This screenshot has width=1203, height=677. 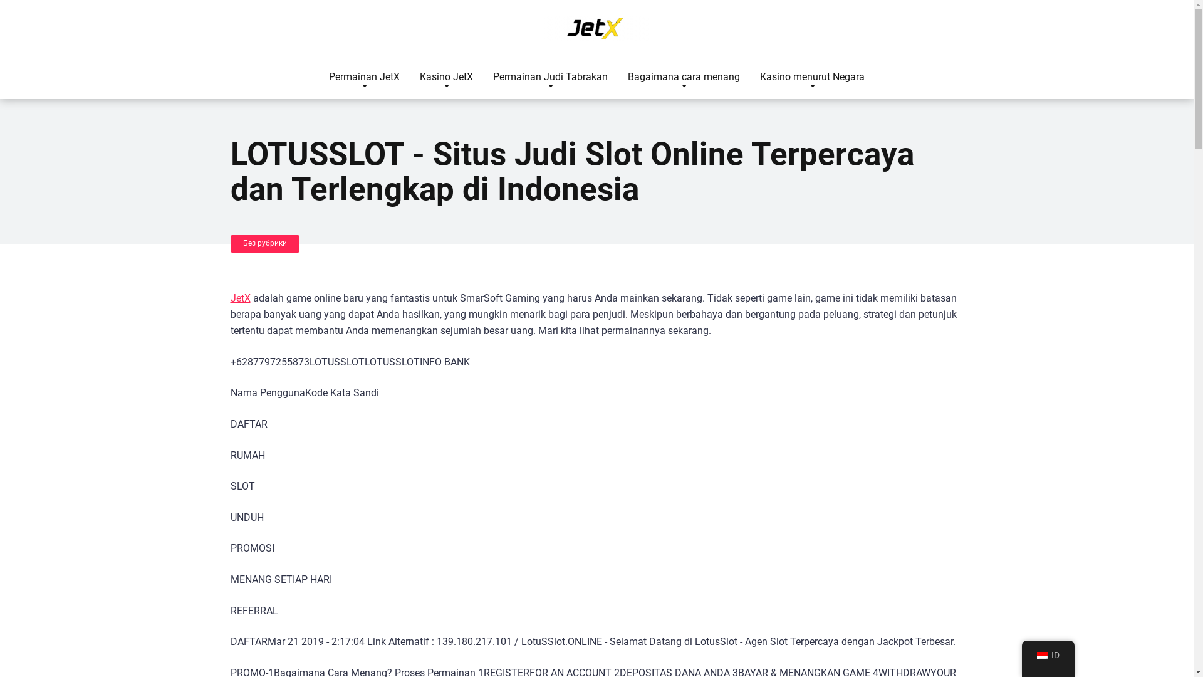 I want to click on 'JetX', so click(x=241, y=298).